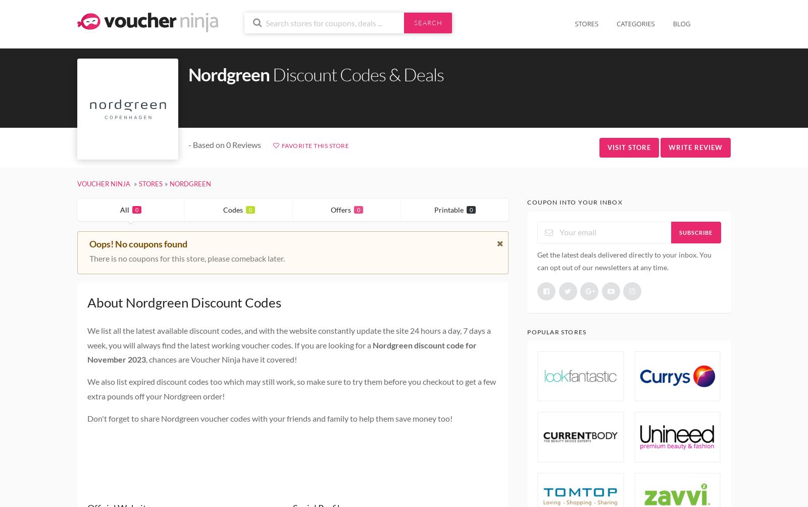 The height and width of the screenshot is (507, 808). I want to click on 'Favorite This Store', so click(315, 145).